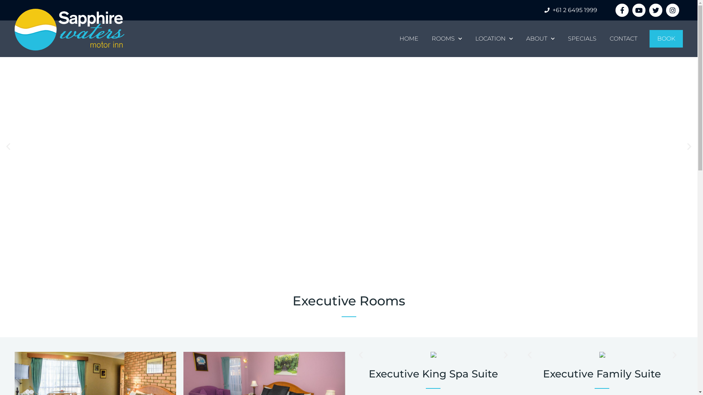  What do you see at coordinates (603, 38) in the screenshot?
I see `'CONTACT'` at bounding box center [603, 38].